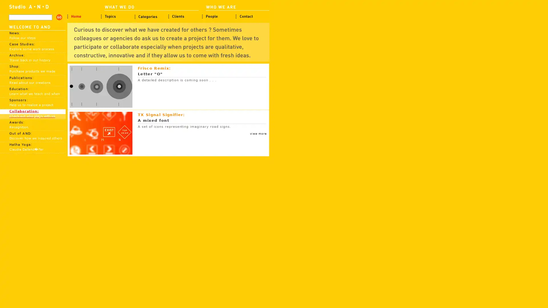  I want to click on search, so click(59, 17).